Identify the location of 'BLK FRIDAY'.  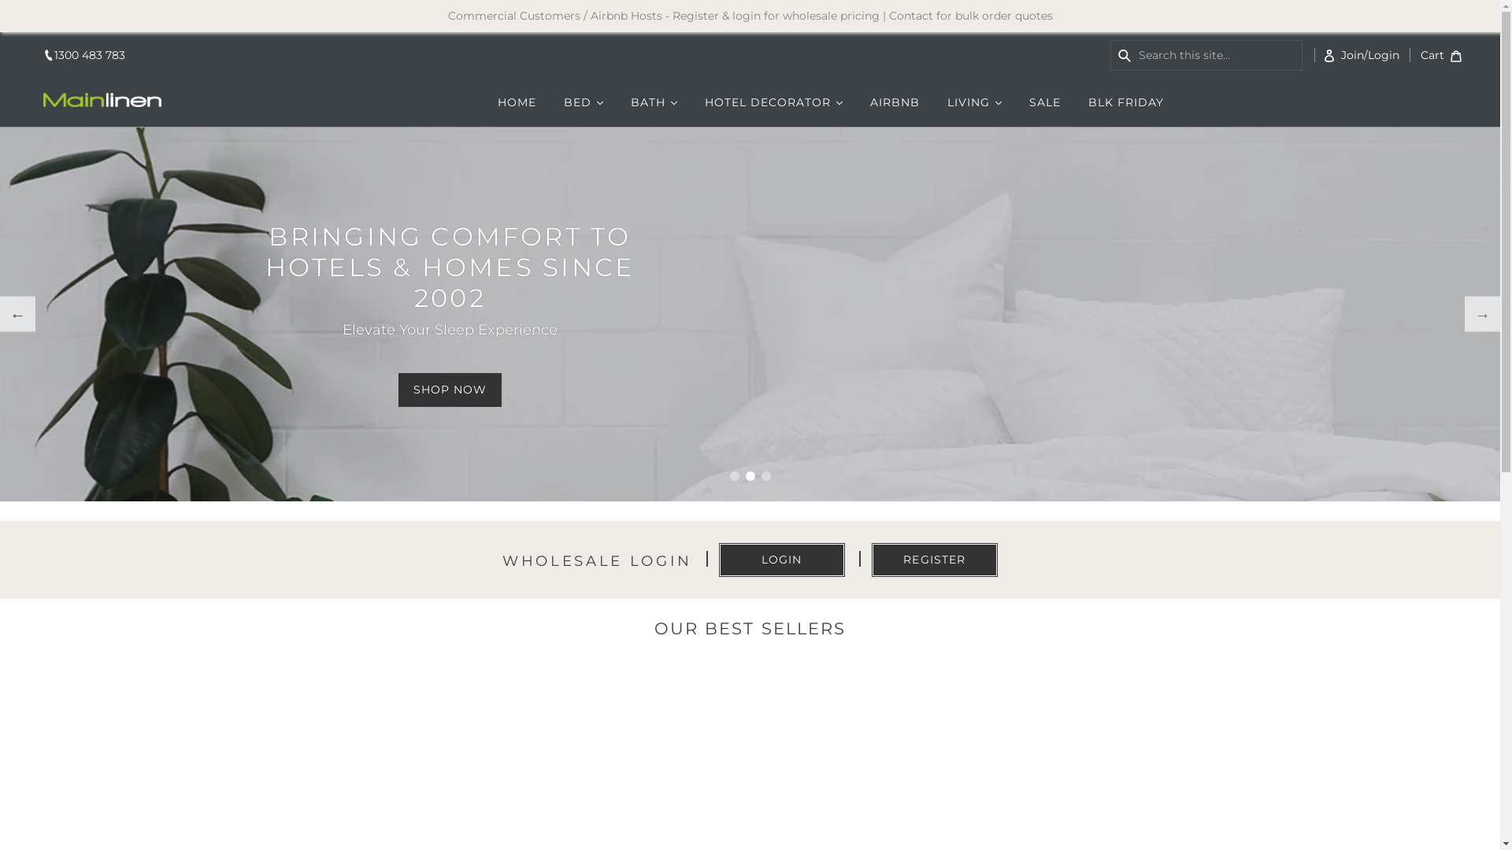
(1125, 102).